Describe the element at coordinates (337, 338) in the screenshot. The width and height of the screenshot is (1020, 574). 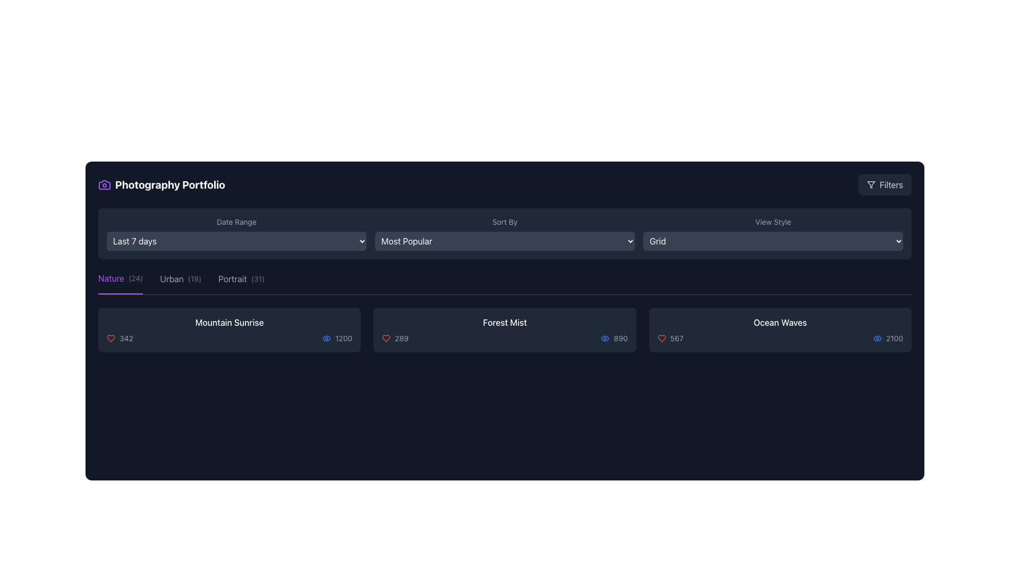
I see `view count text displayed next to the eye icon in the bottom section of the 'Mountain Sunrise' card, which is the last element in the sequence of likes and views` at that location.